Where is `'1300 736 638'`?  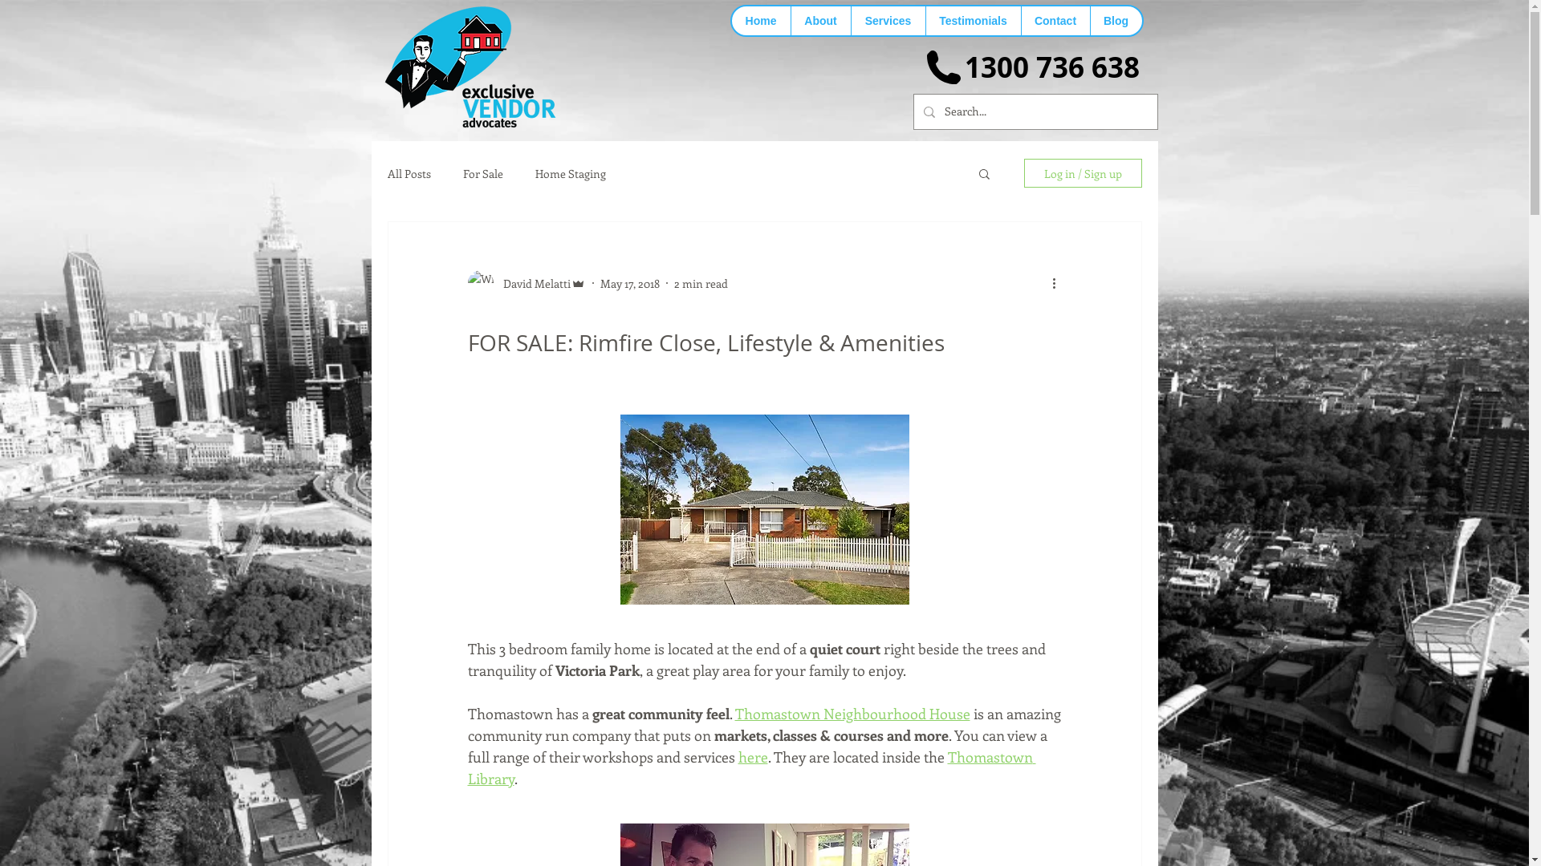 '1300 736 638' is located at coordinates (1051, 67).